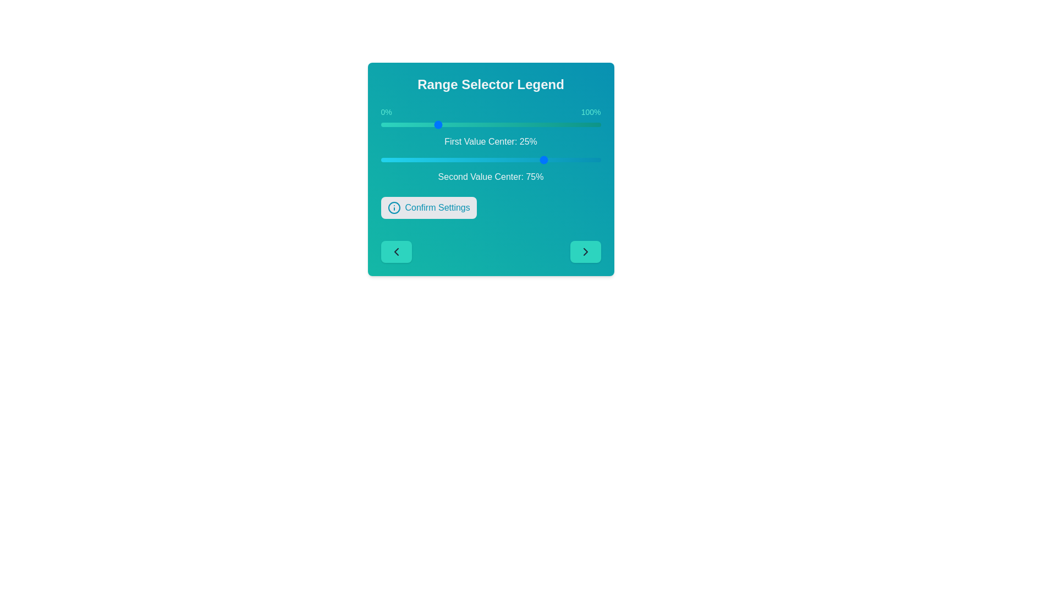 The image size is (1056, 594). I want to click on the slider value, so click(541, 124).